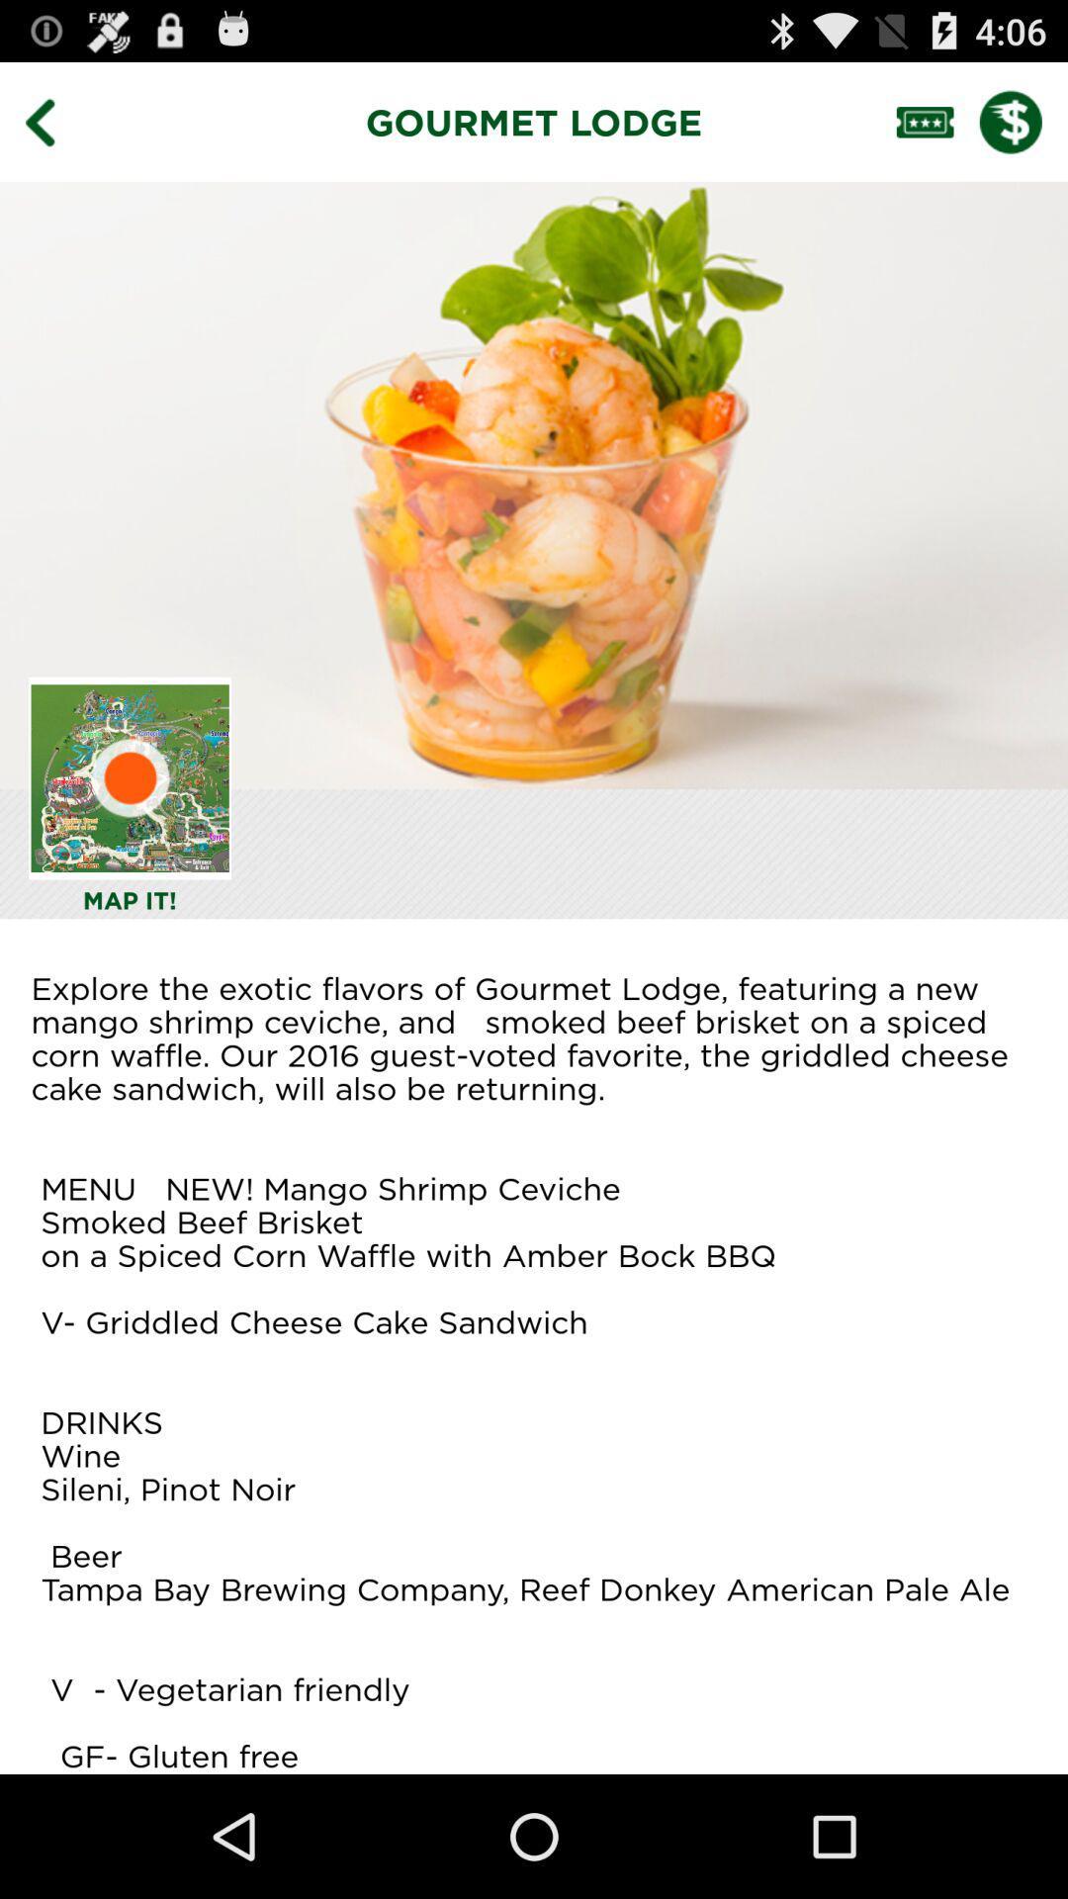 This screenshot has height=1899, width=1068. Describe the element at coordinates (130, 777) in the screenshot. I see `map` at that location.